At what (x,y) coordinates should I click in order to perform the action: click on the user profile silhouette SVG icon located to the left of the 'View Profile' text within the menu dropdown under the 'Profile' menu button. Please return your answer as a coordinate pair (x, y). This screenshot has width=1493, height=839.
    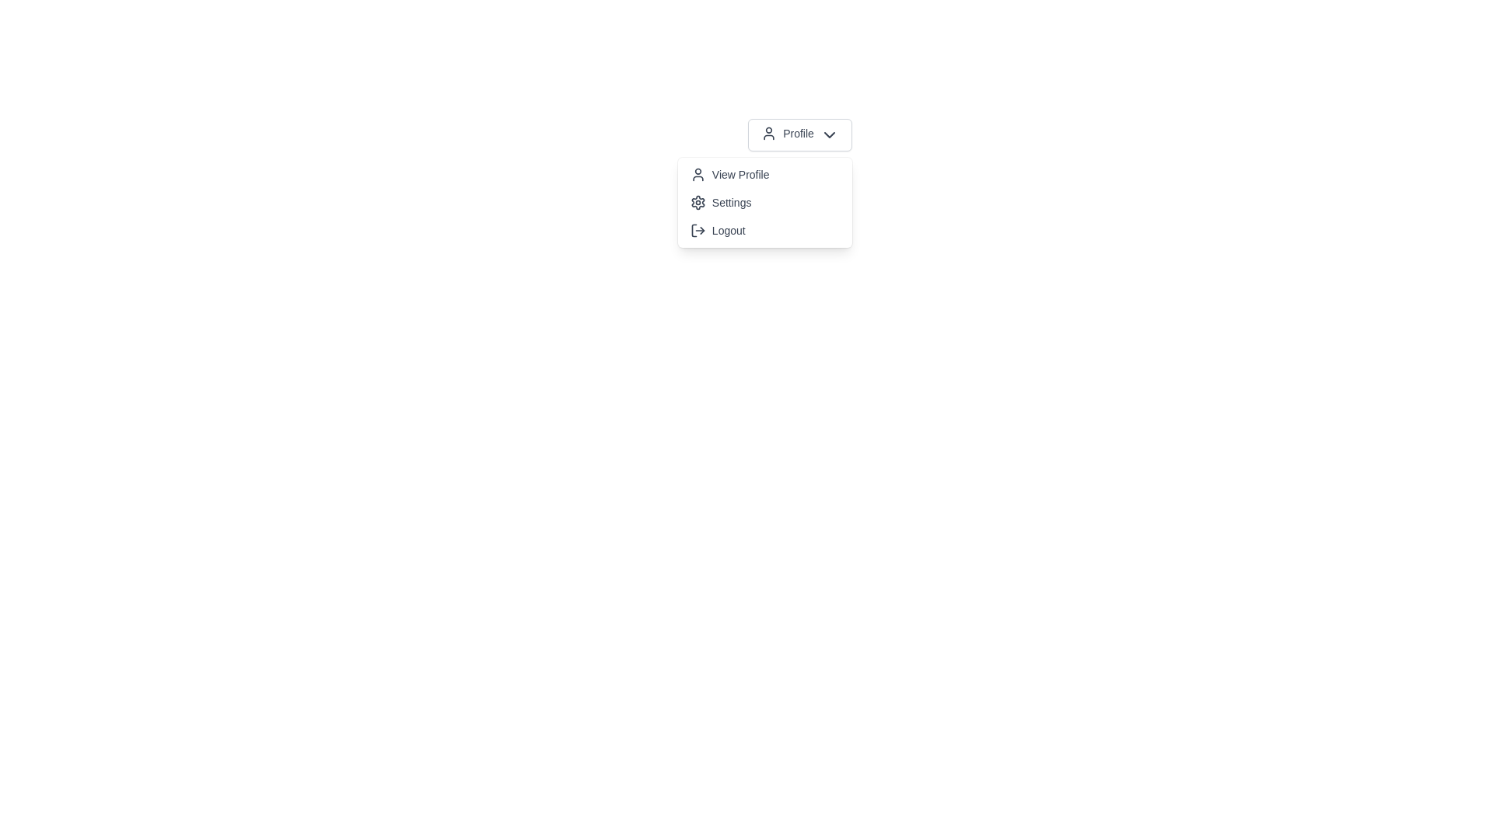
    Looking at the image, I should click on (697, 174).